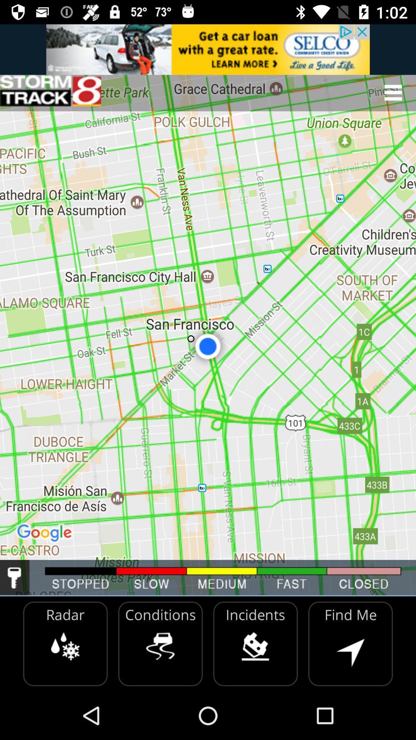 The height and width of the screenshot is (740, 416). What do you see at coordinates (208, 49) in the screenshot?
I see `advertisement` at bounding box center [208, 49].